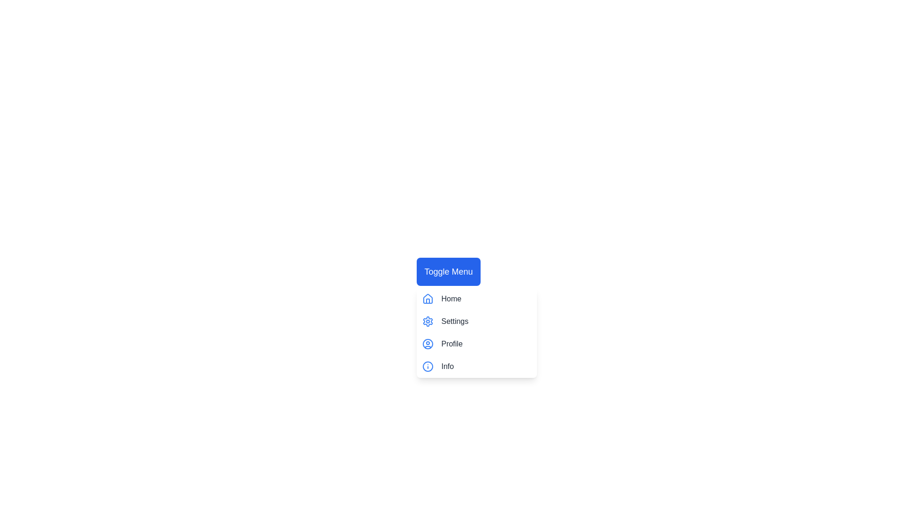  Describe the element at coordinates (477, 366) in the screenshot. I see `the menu item Info to highlight it` at that location.